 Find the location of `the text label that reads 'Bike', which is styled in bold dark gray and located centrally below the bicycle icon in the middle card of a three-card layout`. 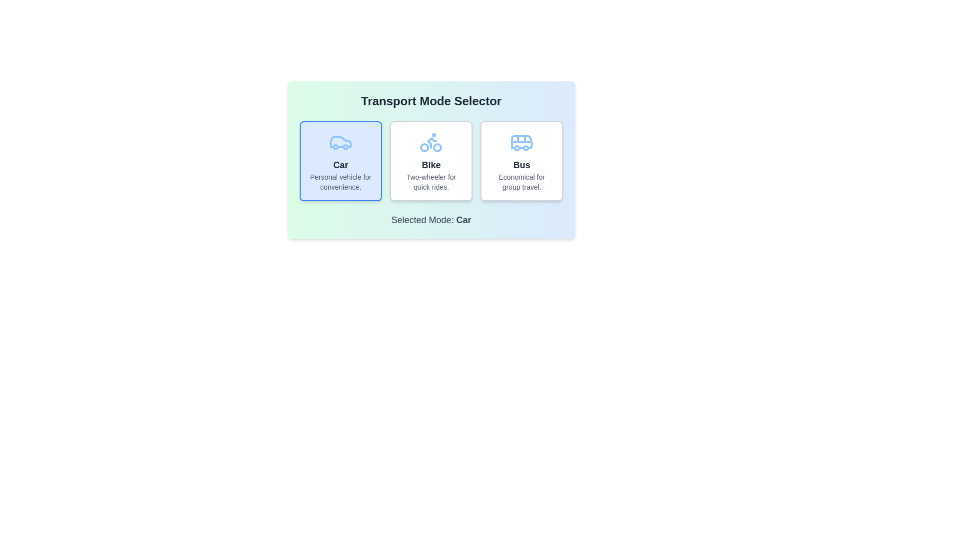

the text label that reads 'Bike', which is styled in bold dark gray and located centrally below the bicycle icon in the middle card of a three-card layout is located at coordinates (431, 165).